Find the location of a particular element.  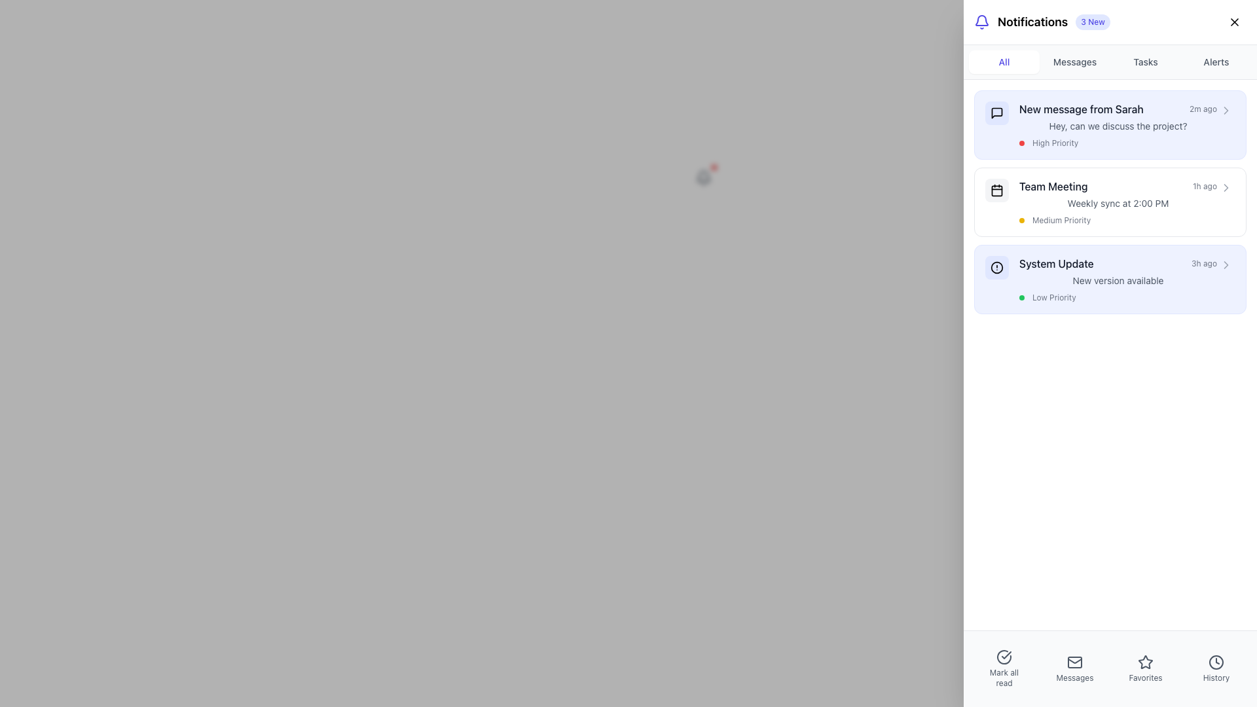

the checkmark graphical element in the footer area of the interface, which is part of the 'Mark all read' button, located to the far left among other interactive elements is located at coordinates (1006, 655).